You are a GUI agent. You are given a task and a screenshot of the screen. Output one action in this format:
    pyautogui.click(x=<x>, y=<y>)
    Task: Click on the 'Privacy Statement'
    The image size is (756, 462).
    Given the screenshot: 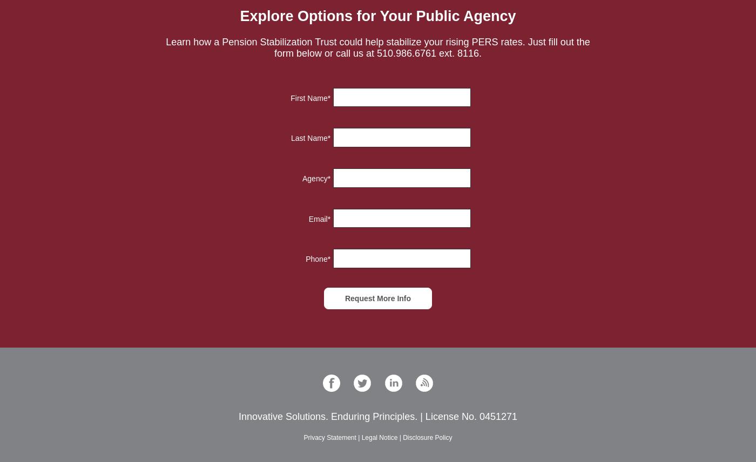 What is the action you would take?
    pyautogui.click(x=329, y=437)
    